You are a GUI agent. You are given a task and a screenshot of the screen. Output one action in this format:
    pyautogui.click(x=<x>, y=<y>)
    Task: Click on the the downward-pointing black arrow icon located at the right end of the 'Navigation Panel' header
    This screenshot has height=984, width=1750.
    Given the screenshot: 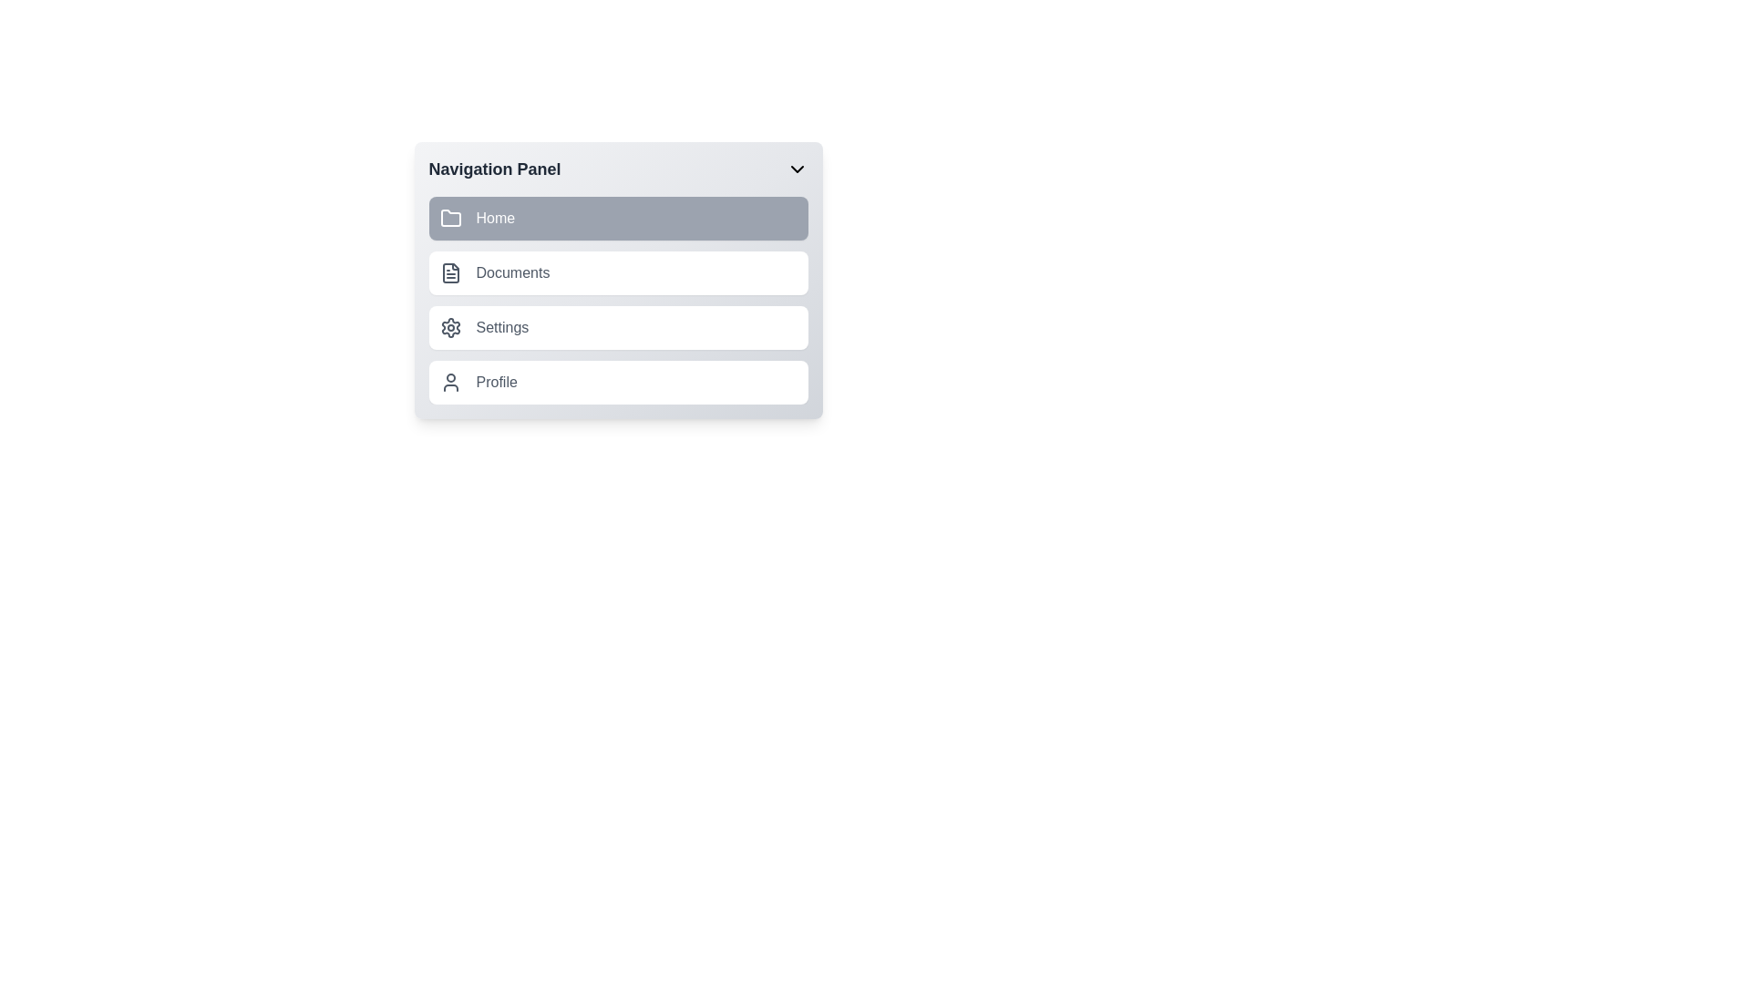 What is the action you would take?
    pyautogui.click(x=797, y=169)
    